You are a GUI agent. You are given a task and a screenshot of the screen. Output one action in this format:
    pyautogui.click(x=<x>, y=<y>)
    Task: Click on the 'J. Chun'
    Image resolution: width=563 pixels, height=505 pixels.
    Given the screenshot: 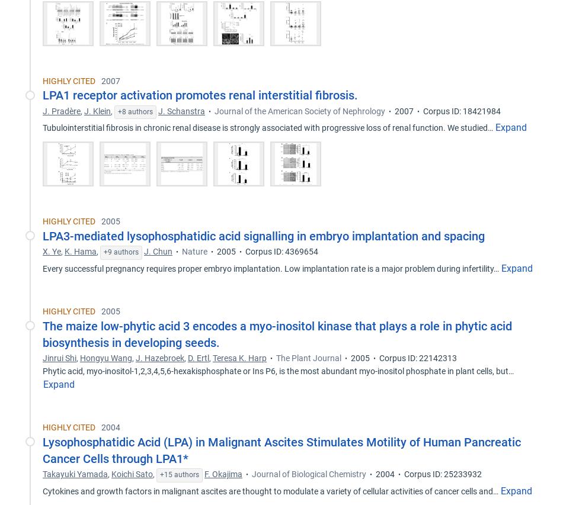 What is the action you would take?
    pyautogui.click(x=158, y=250)
    